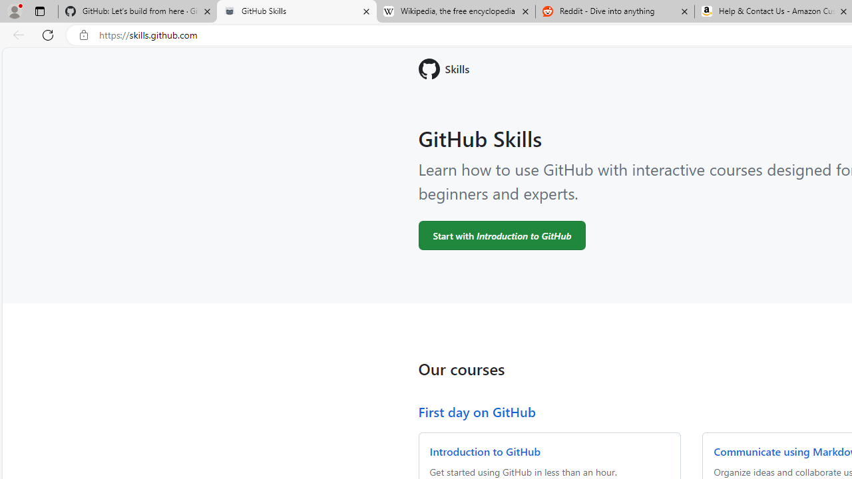  Describe the element at coordinates (477, 410) in the screenshot. I see `'First day on GitHub'` at that location.